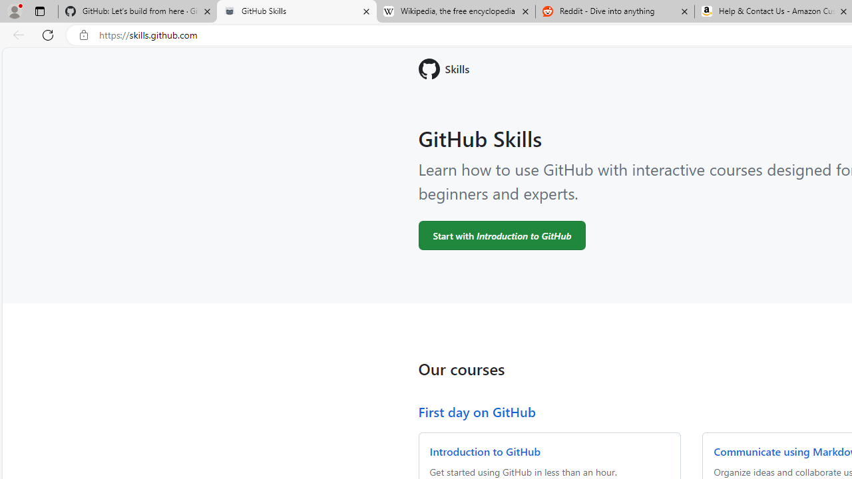  Describe the element at coordinates (477, 410) in the screenshot. I see `'First day on GitHub'` at that location.